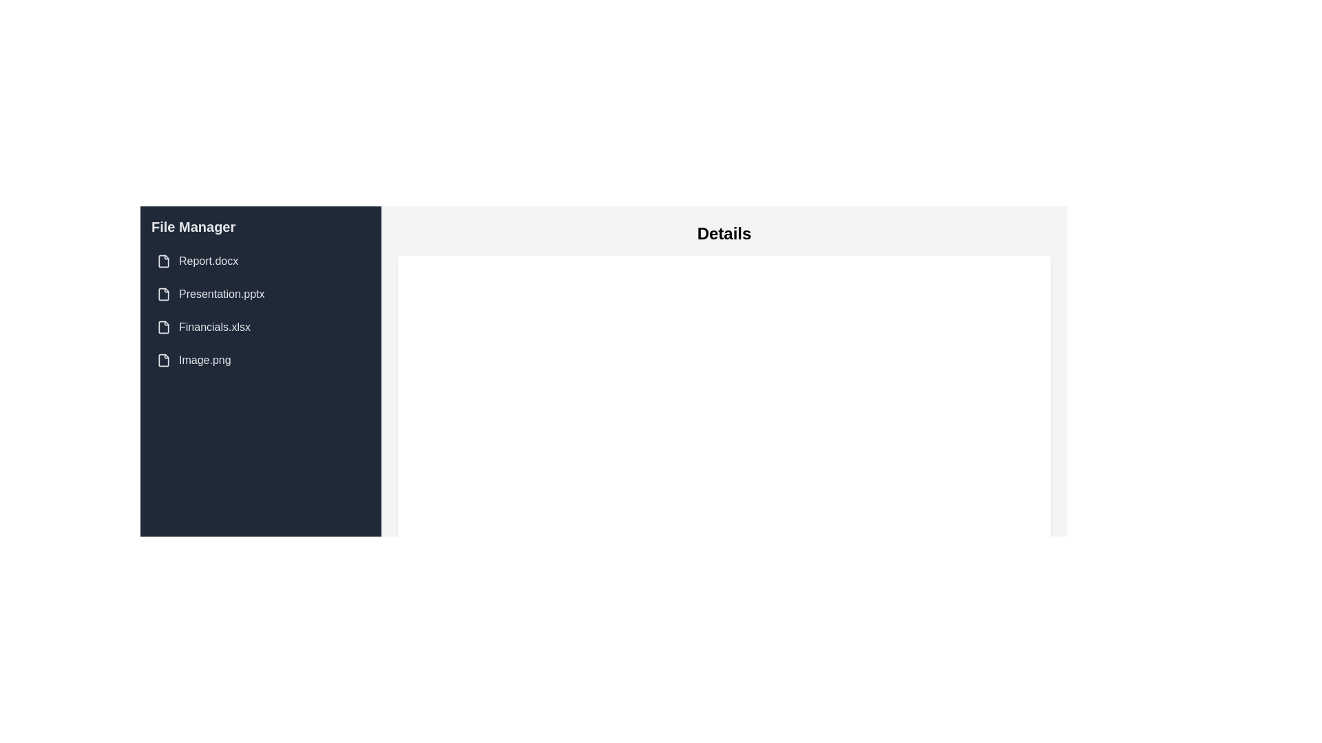 Image resolution: width=1322 pixels, height=743 pixels. I want to click on the document icon located in the left sidebar under 'File Manager', next to the text 'Report.docx', so click(164, 261).